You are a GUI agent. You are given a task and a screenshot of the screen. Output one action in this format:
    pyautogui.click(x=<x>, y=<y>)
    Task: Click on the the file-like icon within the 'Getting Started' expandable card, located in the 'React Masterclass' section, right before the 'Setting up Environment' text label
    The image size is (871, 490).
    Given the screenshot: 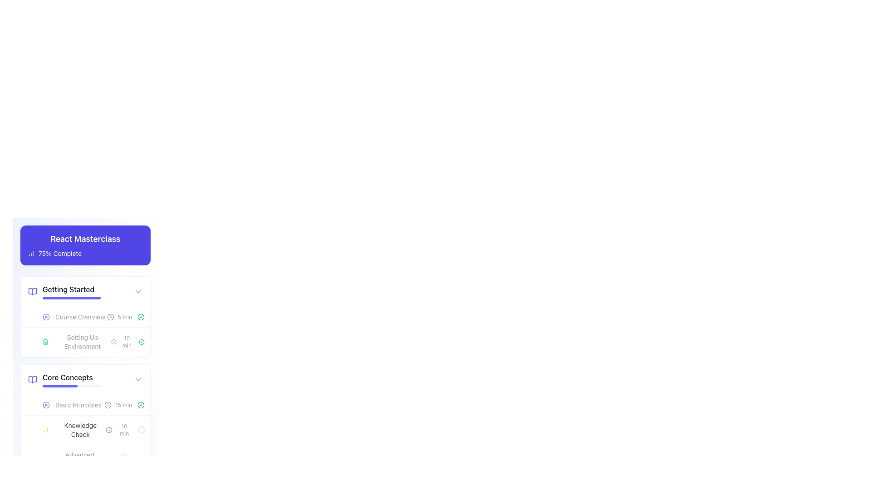 What is the action you would take?
    pyautogui.click(x=45, y=342)
    